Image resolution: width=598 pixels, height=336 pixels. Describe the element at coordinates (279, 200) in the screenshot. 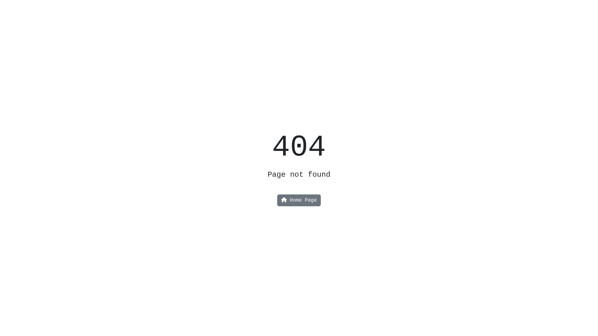

I see `'Home Page'` at that location.